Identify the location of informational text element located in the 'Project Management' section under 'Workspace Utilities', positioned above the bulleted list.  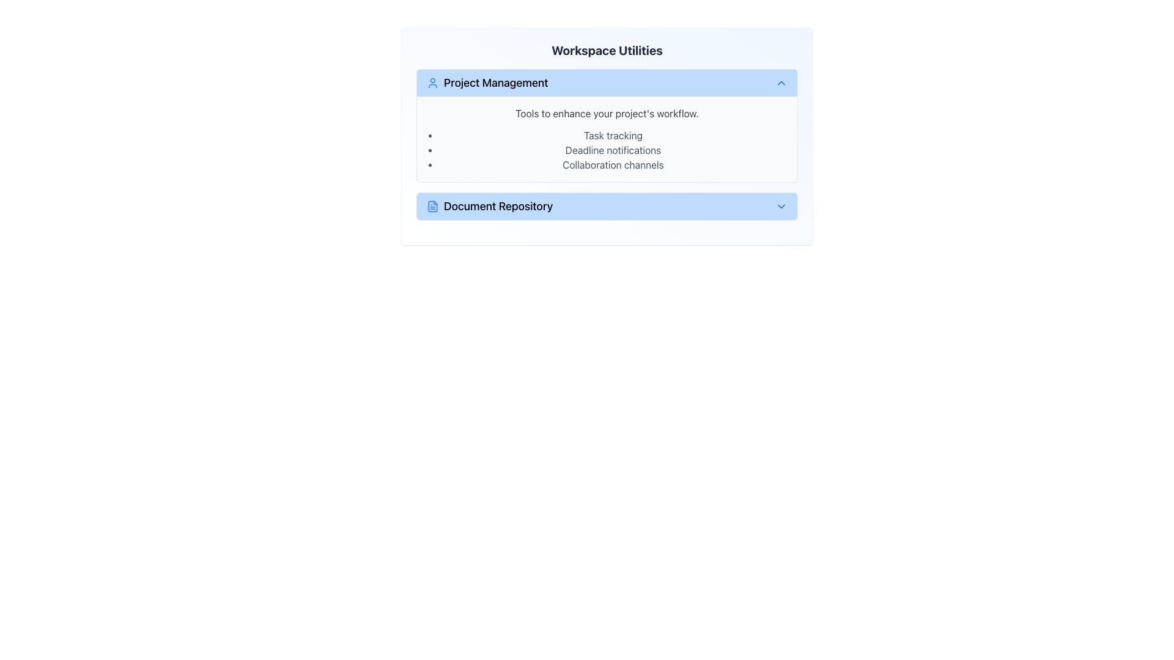
(607, 113).